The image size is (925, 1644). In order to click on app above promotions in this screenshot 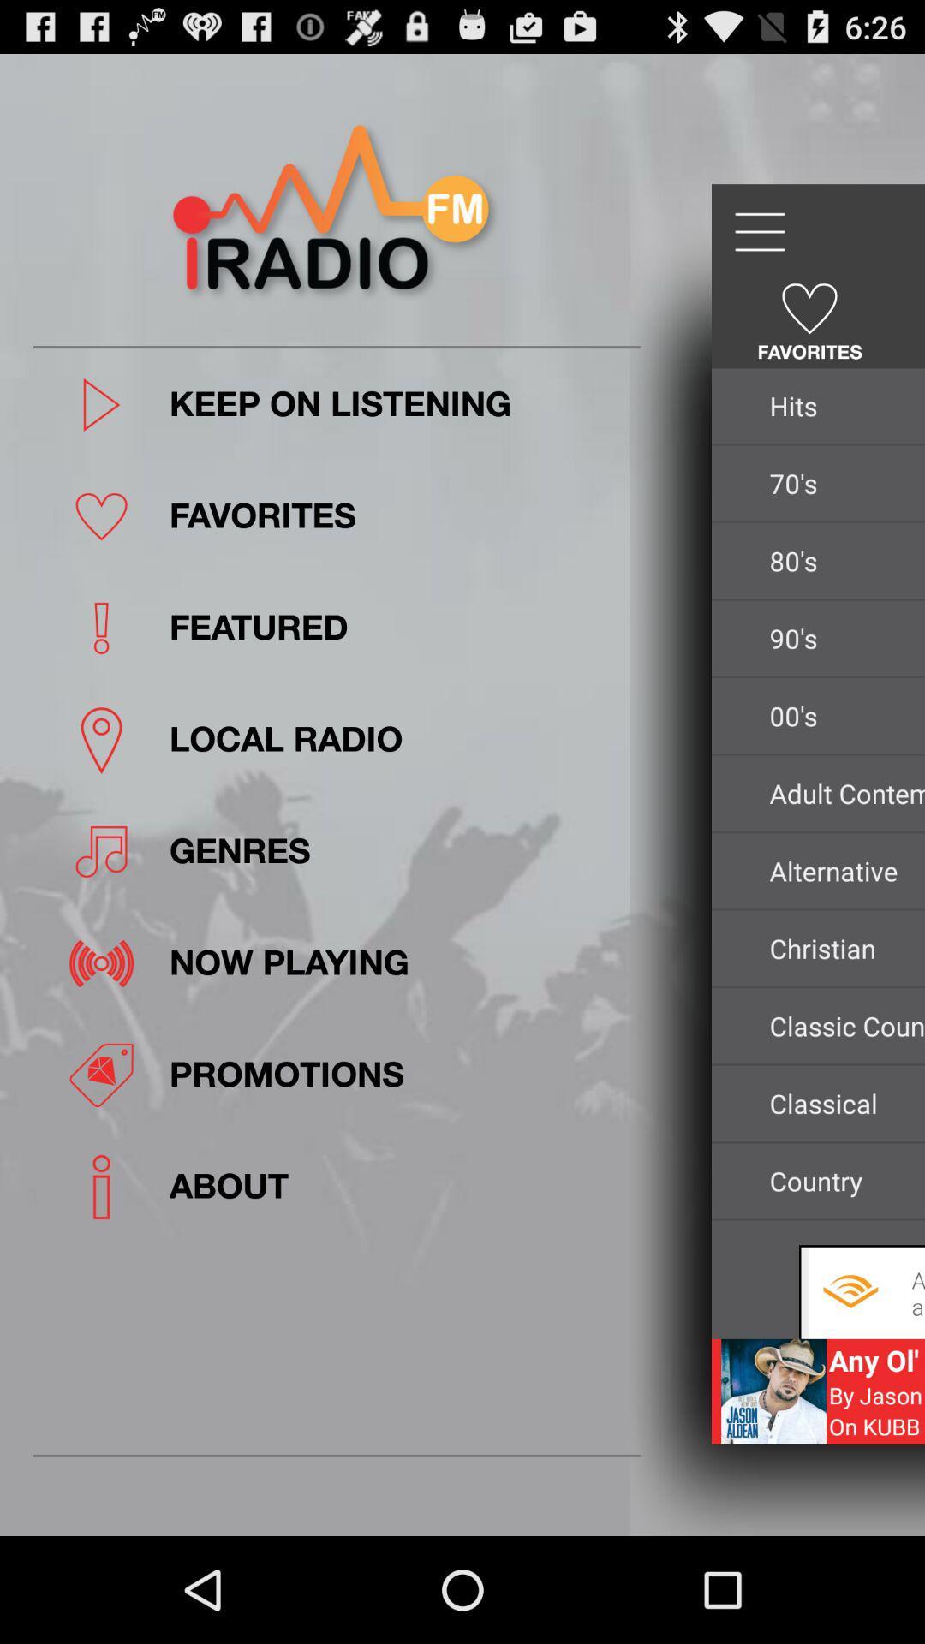, I will do `click(399, 963)`.